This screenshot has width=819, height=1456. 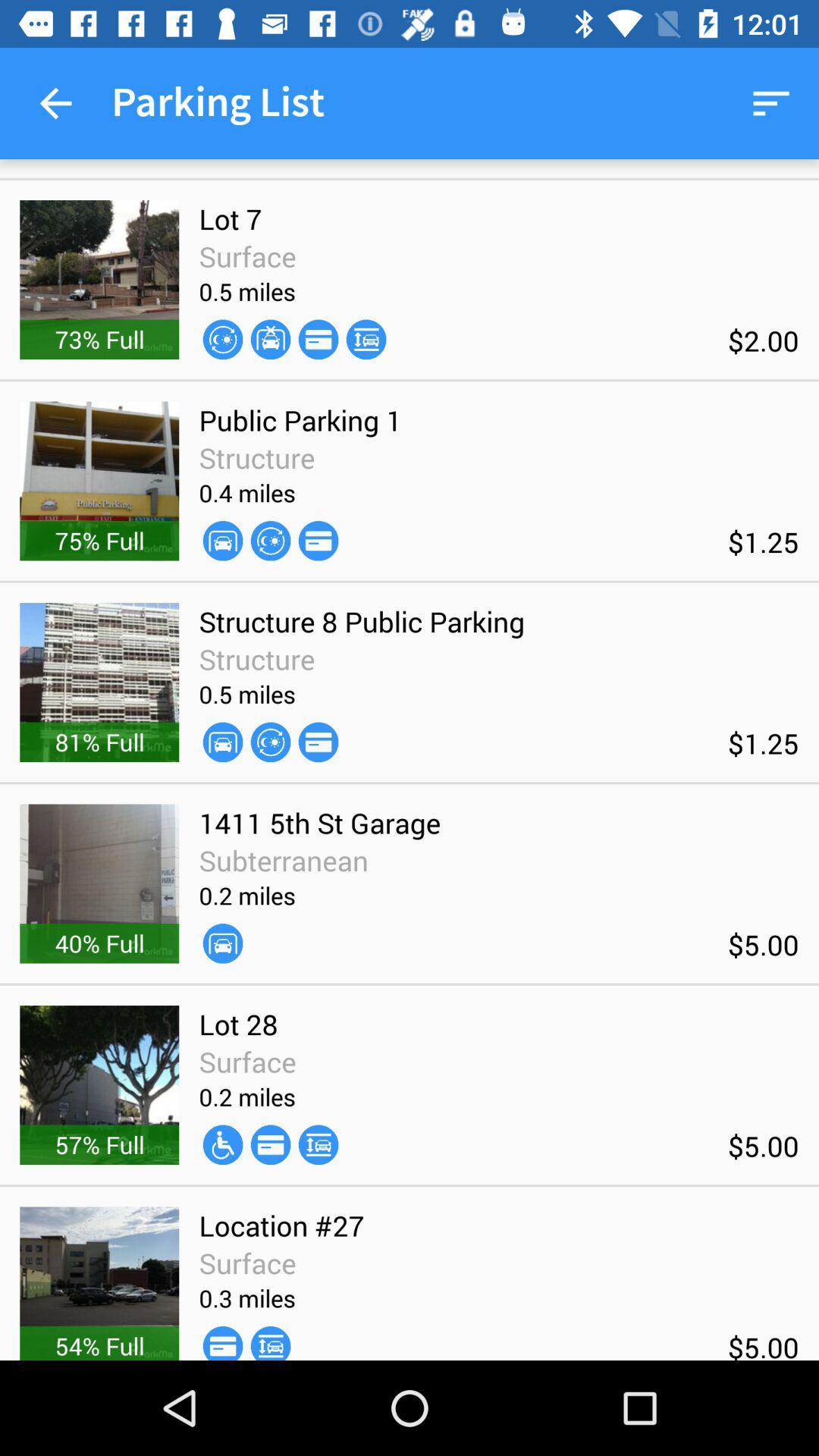 I want to click on the item below the 0.3 miles, so click(x=270, y=1343).